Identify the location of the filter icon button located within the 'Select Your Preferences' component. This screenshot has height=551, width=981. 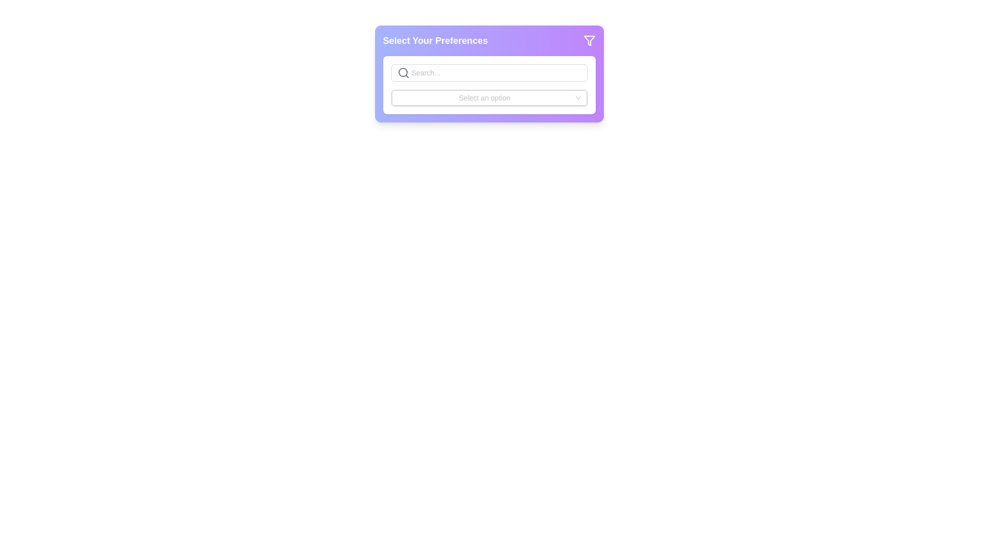
(589, 40).